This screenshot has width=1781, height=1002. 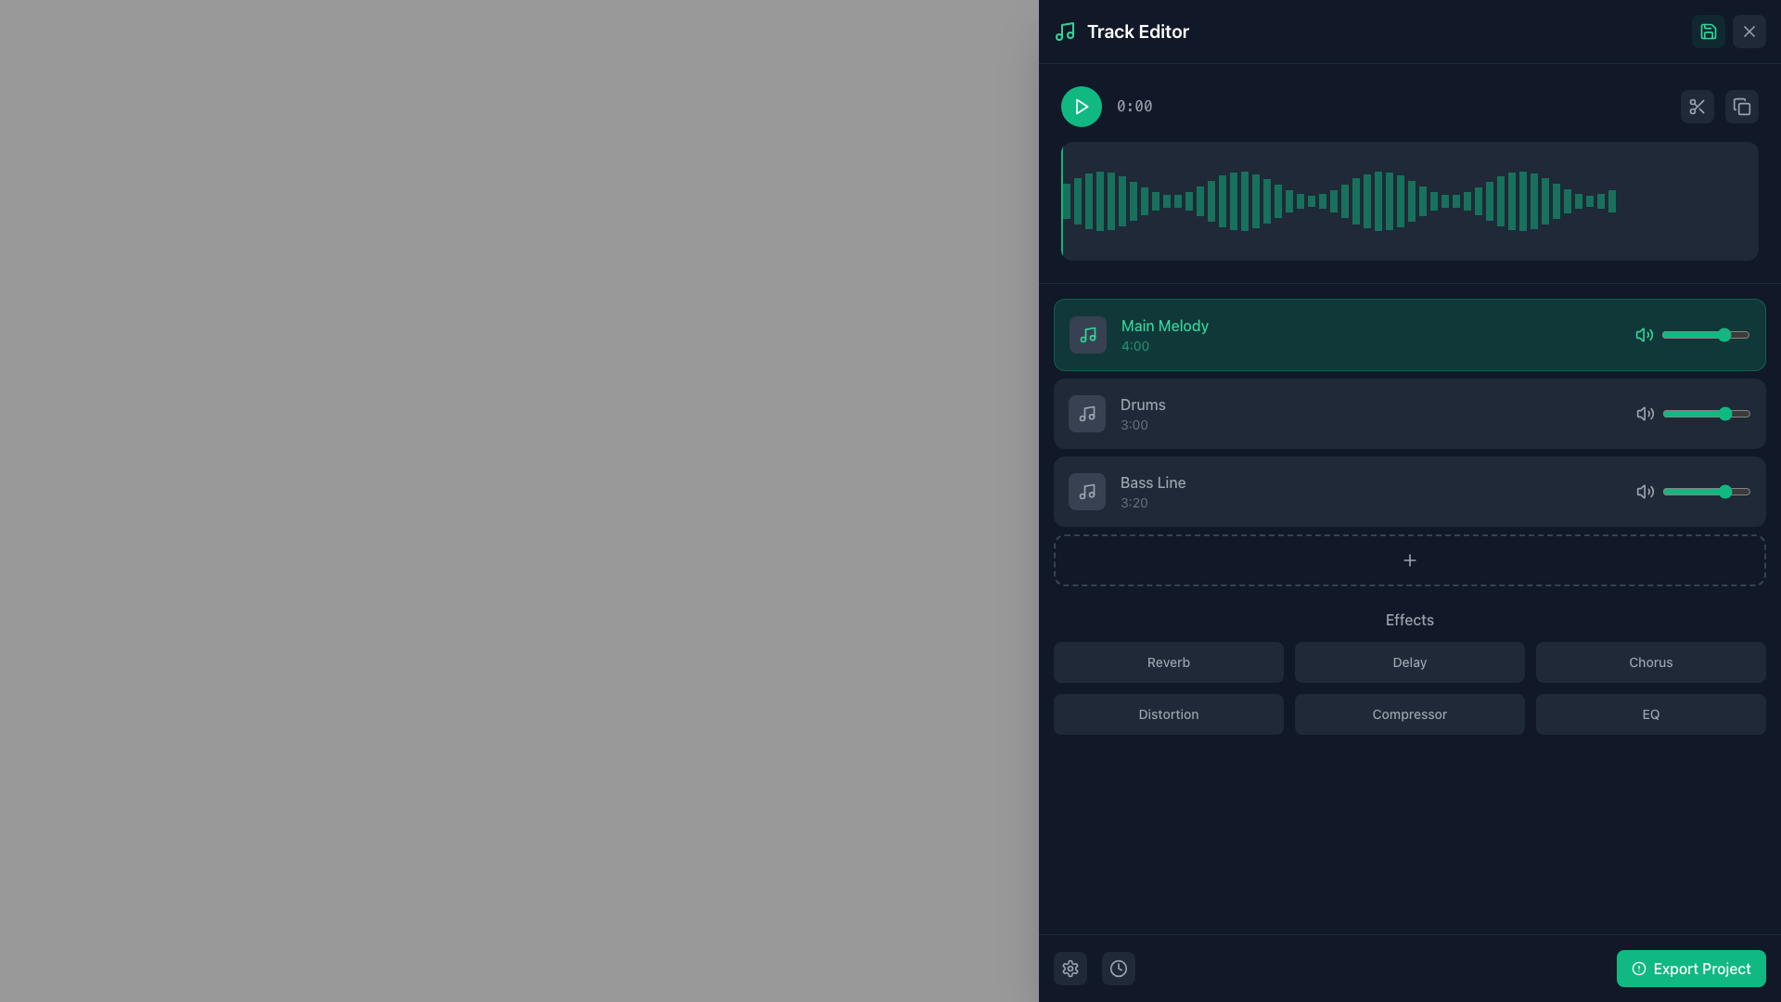 What do you see at coordinates (1107, 107) in the screenshot?
I see `the Text Display element that shows '0:00', which is positioned directly after the round green play button in the Track Editor panel` at bounding box center [1107, 107].